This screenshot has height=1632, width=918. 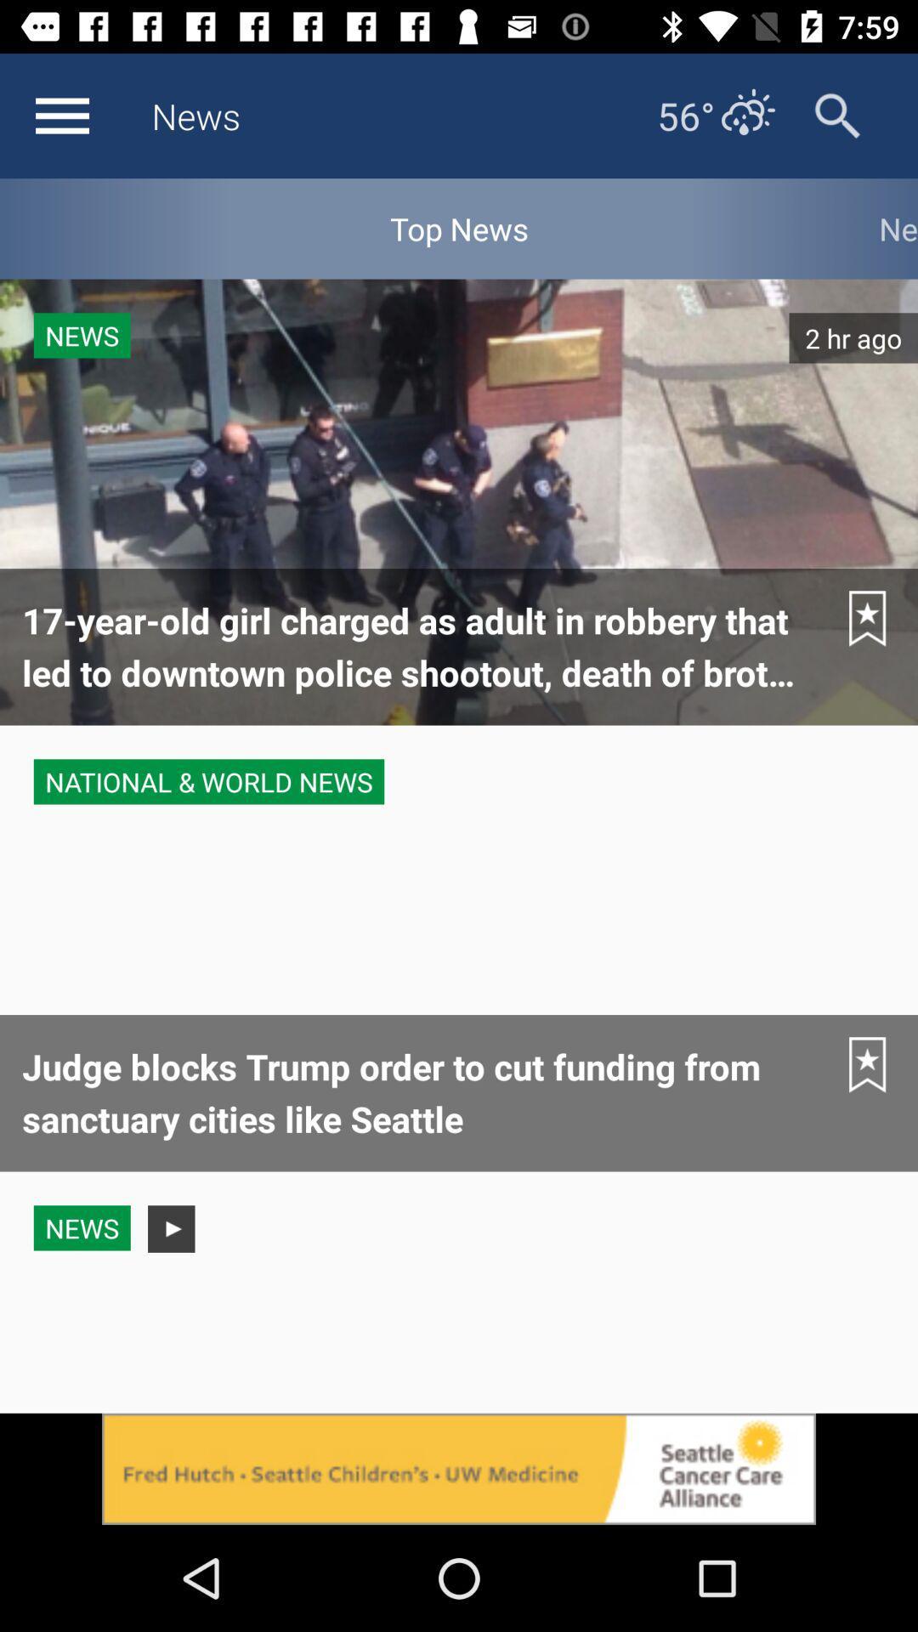 I want to click on the menu on top left, so click(x=61, y=116).